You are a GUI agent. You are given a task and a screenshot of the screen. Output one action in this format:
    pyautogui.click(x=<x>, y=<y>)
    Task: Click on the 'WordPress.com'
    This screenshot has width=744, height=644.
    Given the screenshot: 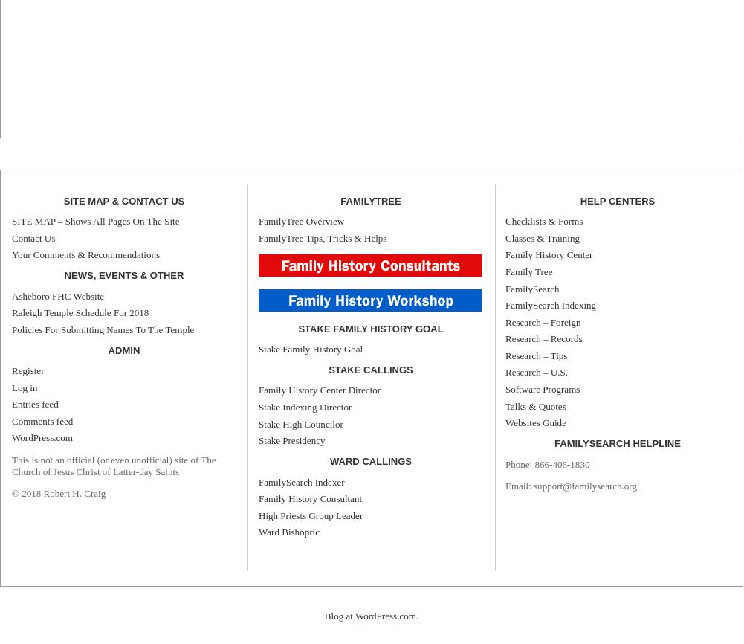 What is the action you would take?
    pyautogui.click(x=42, y=437)
    